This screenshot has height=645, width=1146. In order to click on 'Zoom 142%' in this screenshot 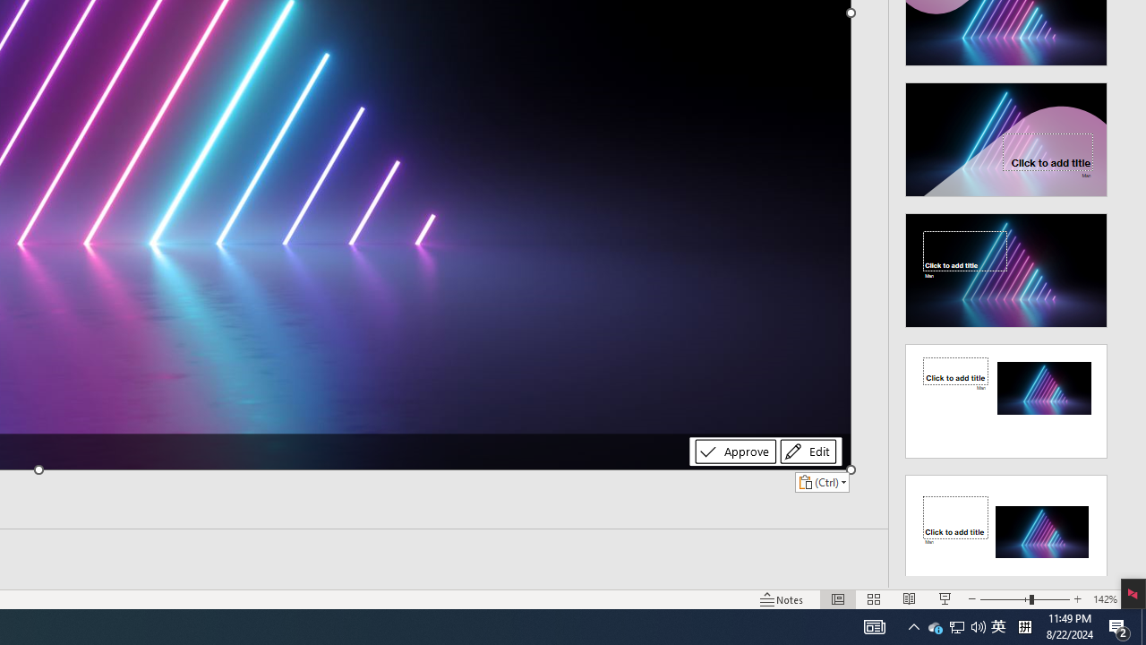, I will do `click(1104, 599)`.